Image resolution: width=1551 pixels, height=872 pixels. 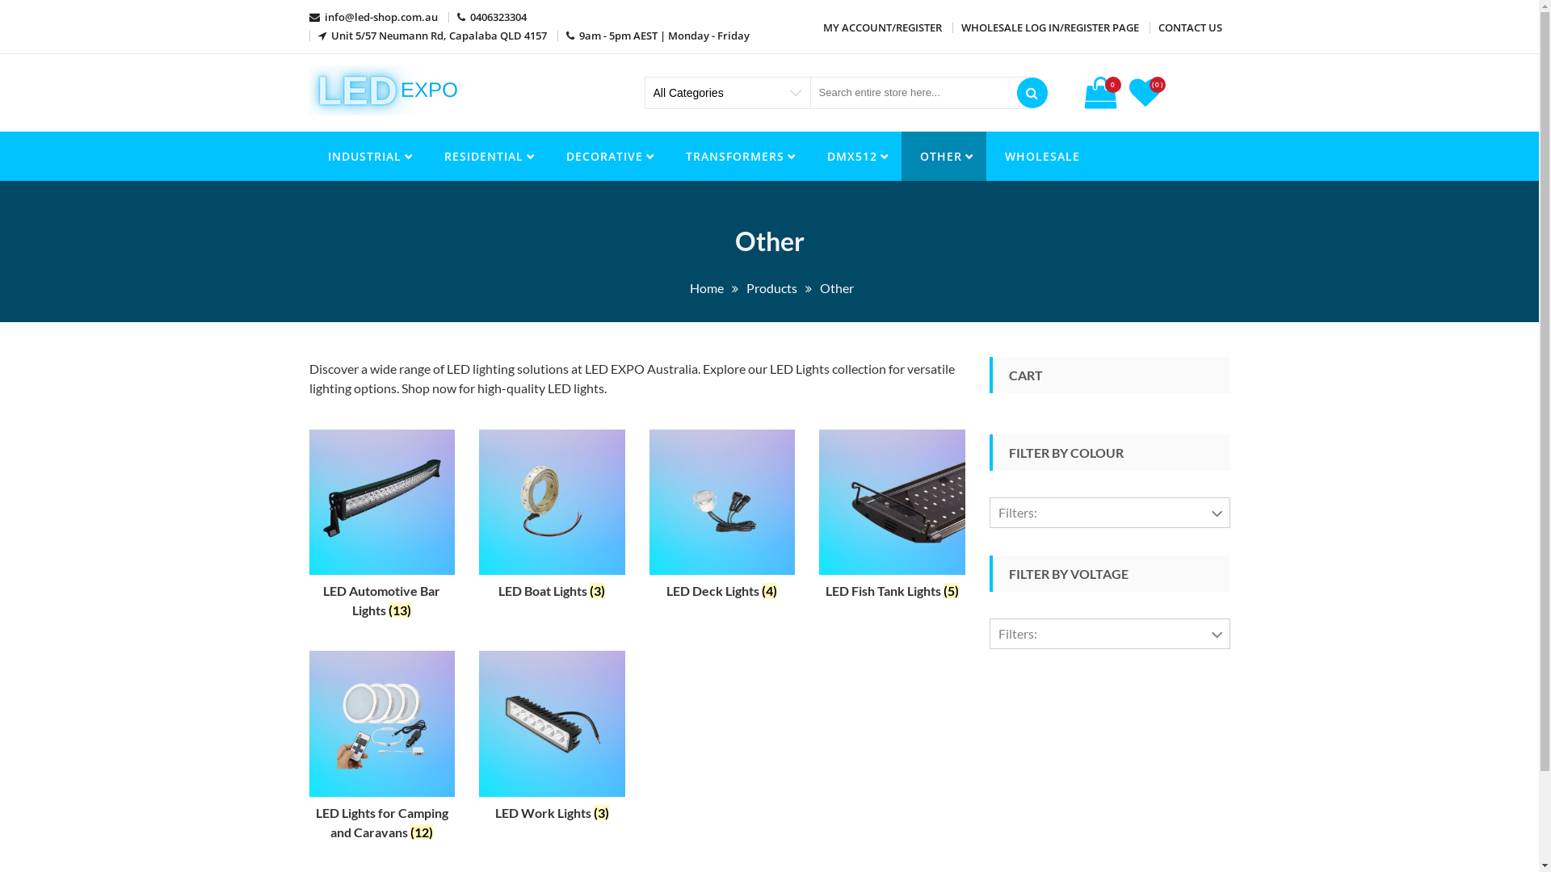 What do you see at coordinates (881, 27) in the screenshot?
I see `'MY ACCOUNT/REGISTER'` at bounding box center [881, 27].